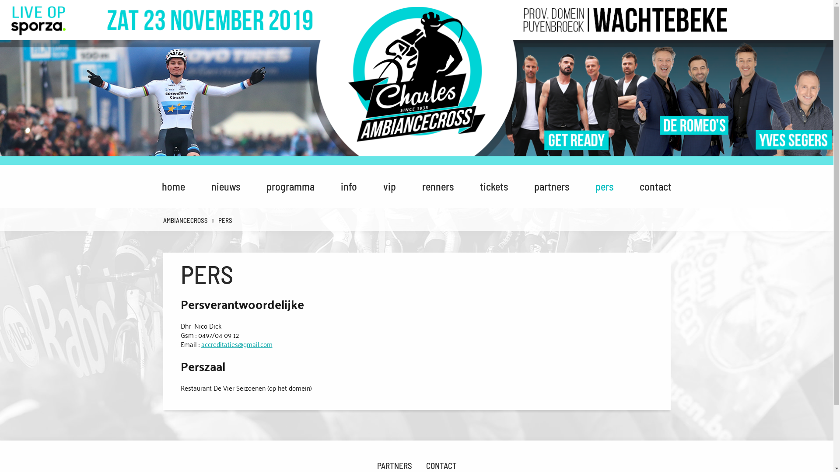  Describe the element at coordinates (173, 186) in the screenshot. I see `'home'` at that location.